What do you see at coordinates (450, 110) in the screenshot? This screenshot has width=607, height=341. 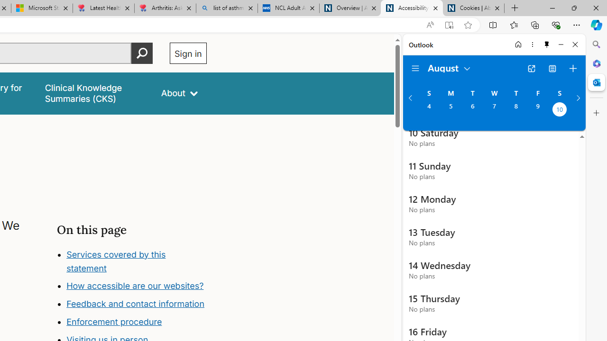 I see `'Monday, August 5, 2024. '` at bounding box center [450, 110].